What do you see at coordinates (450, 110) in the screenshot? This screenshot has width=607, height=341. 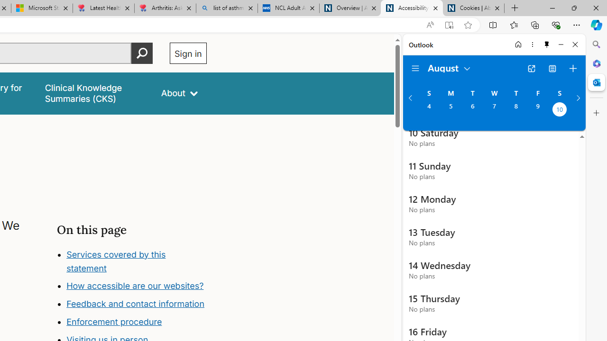 I see `'Monday, August 5, 2024. '` at bounding box center [450, 110].